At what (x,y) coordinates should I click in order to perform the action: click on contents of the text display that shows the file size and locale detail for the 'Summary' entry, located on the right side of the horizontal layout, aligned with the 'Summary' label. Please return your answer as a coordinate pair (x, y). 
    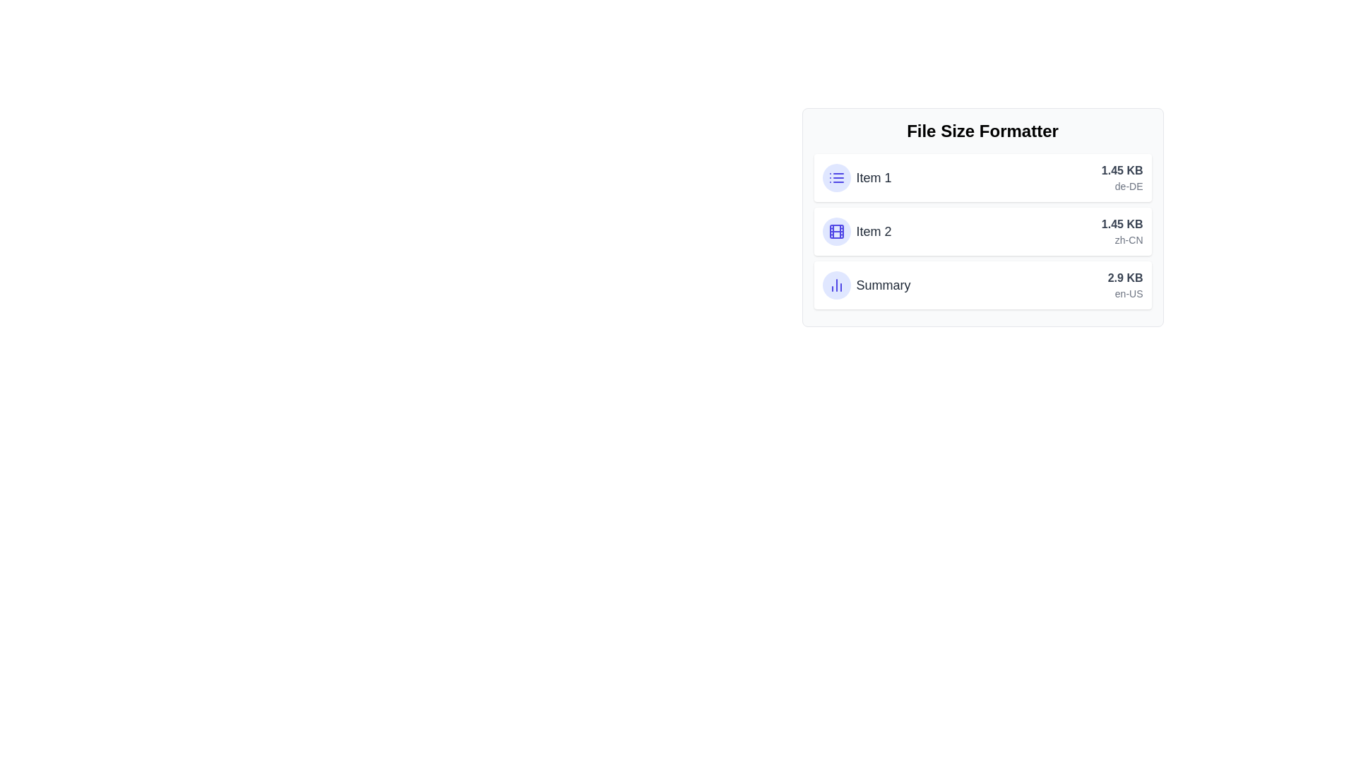
    Looking at the image, I should click on (1124, 285).